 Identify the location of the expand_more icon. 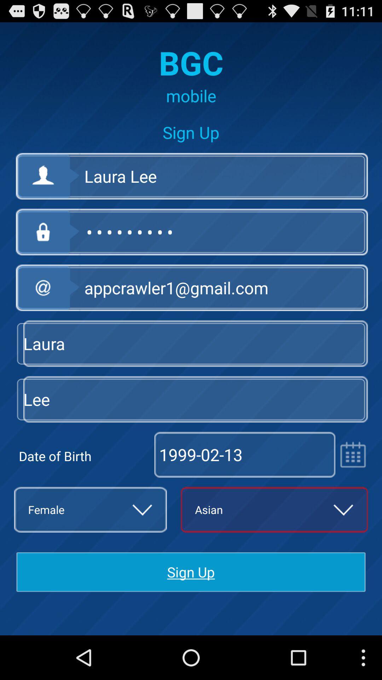
(143, 545).